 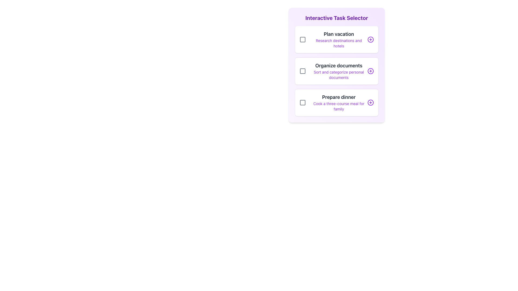 What do you see at coordinates (339, 106) in the screenshot?
I see `the descriptive text label located immediately below the 'Prepare dinner' heading, which provides additional context to the section` at bounding box center [339, 106].